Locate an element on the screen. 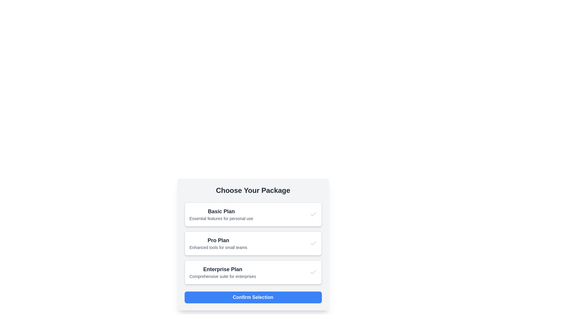 The width and height of the screenshot is (568, 319). the text label 'Pro Plan' which is centrally aligned within the second selectable option in the plan offerings dialog box is located at coordinates (218, 240).